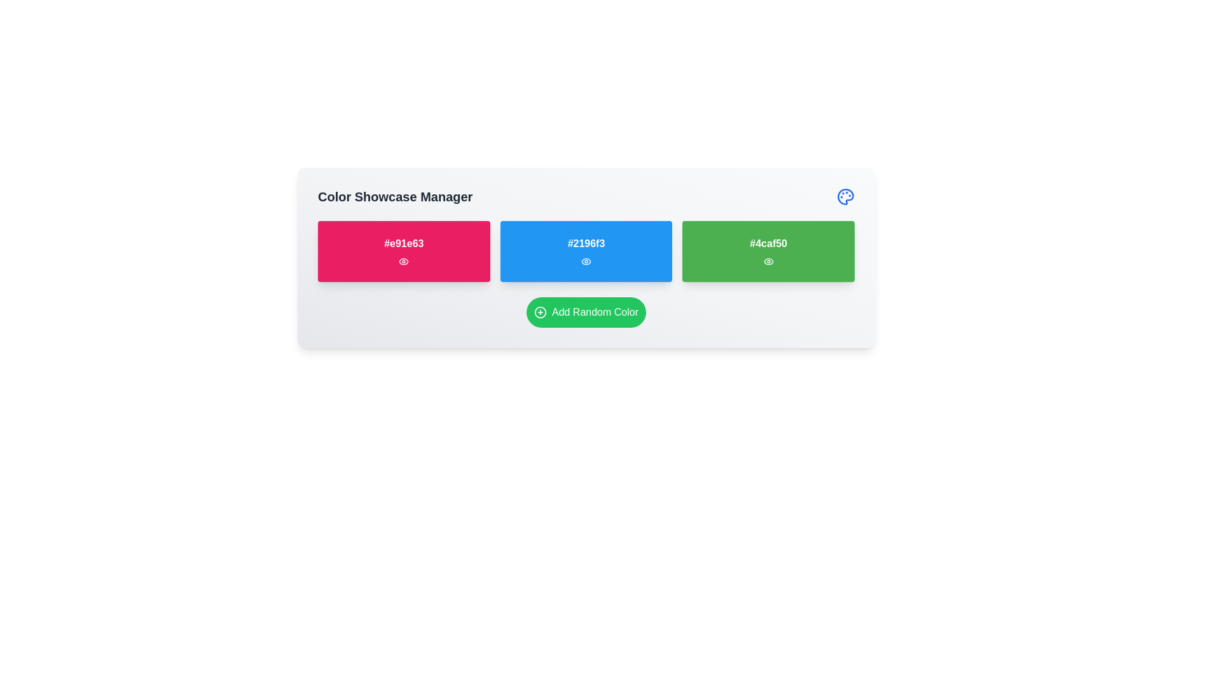  I want to click on the circular icon with a plus sign inside, which is centered on the green 'Add Random Color' button, so click(540, 313).